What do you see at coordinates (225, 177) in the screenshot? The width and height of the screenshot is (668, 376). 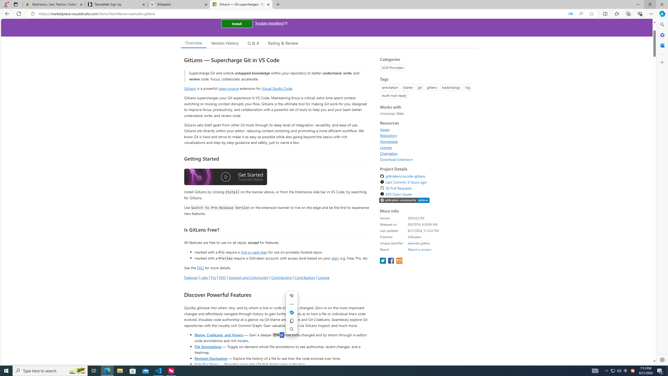 I see `'Watch the GitLens Getting Started video'` at bounding box center [225, 177].